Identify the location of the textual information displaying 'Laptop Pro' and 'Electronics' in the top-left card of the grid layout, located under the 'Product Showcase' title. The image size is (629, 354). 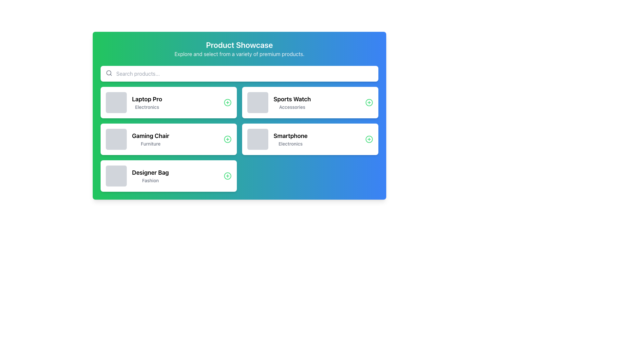
(146, 102).